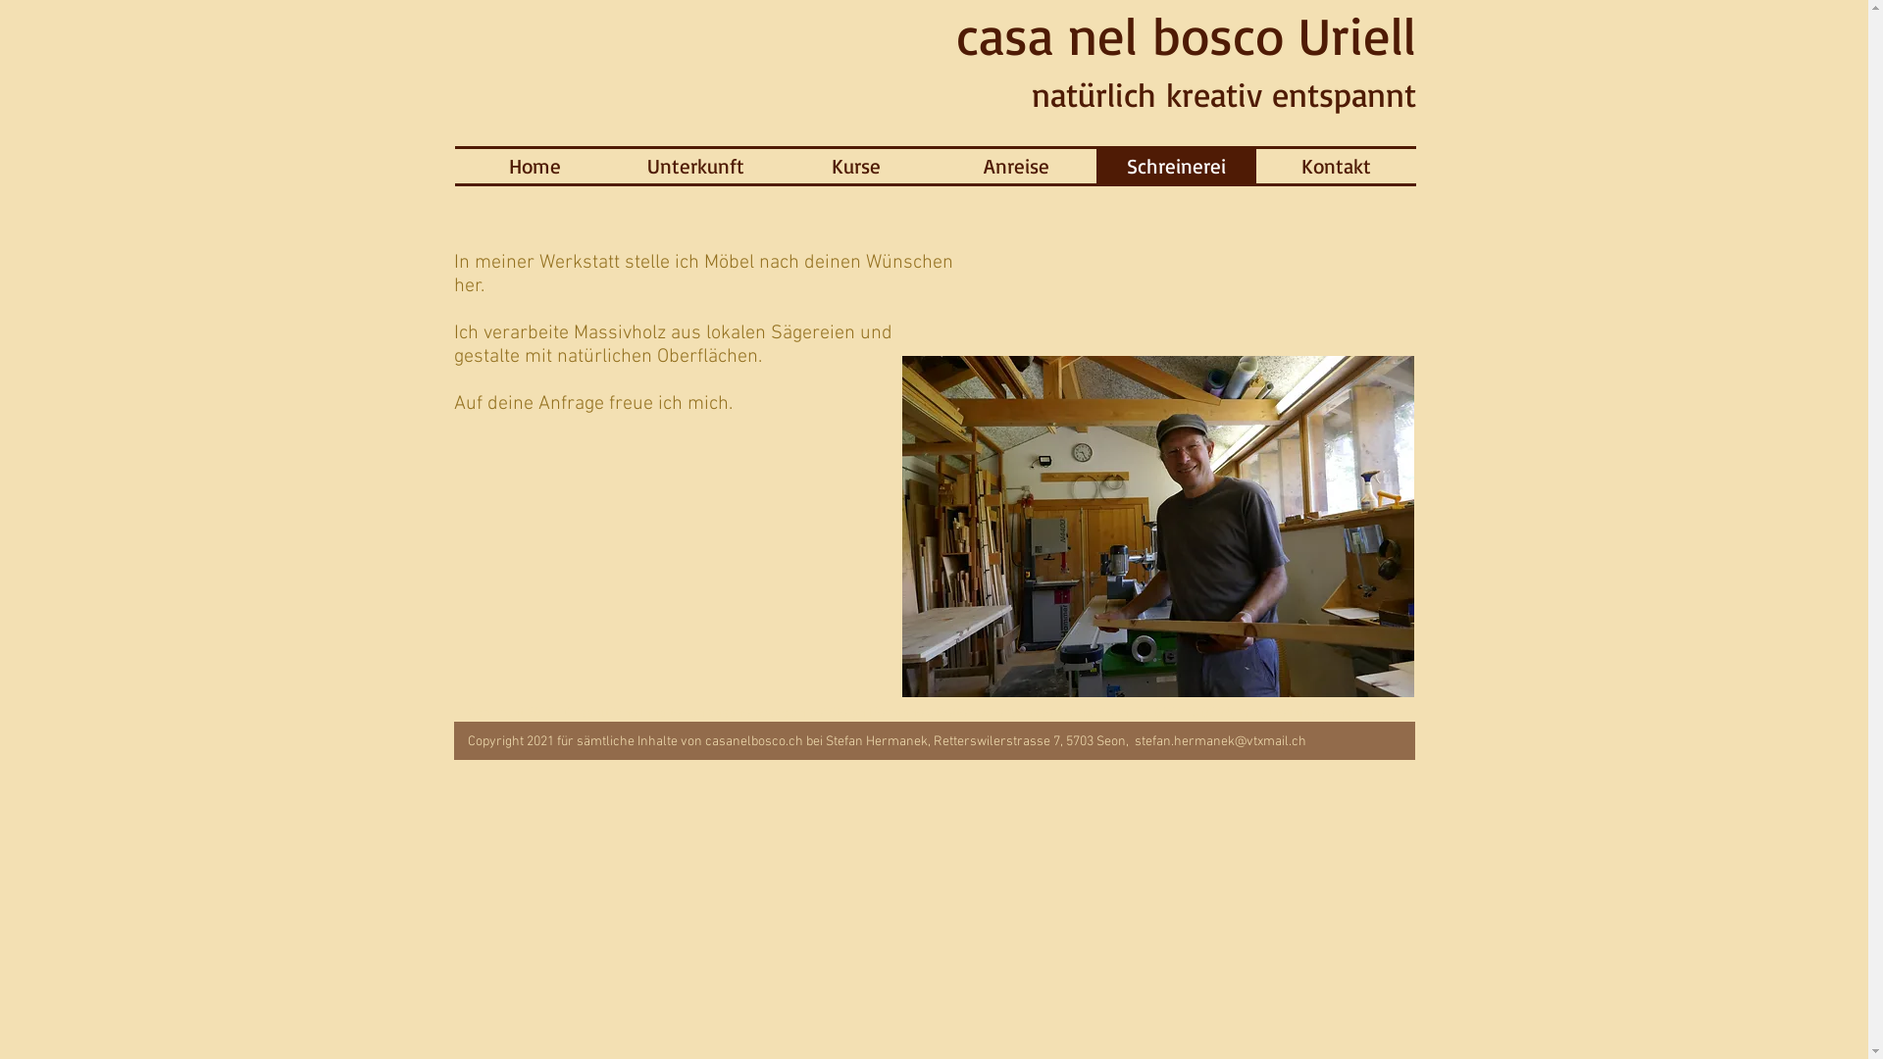 The height and width of the screenshot is (1059, 1883). I want to click on 'Anreise', so click(1015, 165).